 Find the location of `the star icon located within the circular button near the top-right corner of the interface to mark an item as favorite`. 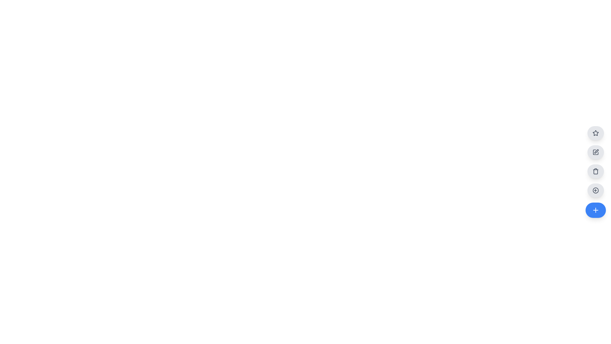

the star icon located within the circular button near the top-right corner of the interface to mark an item as favorite is located at coordinates (595, 133).